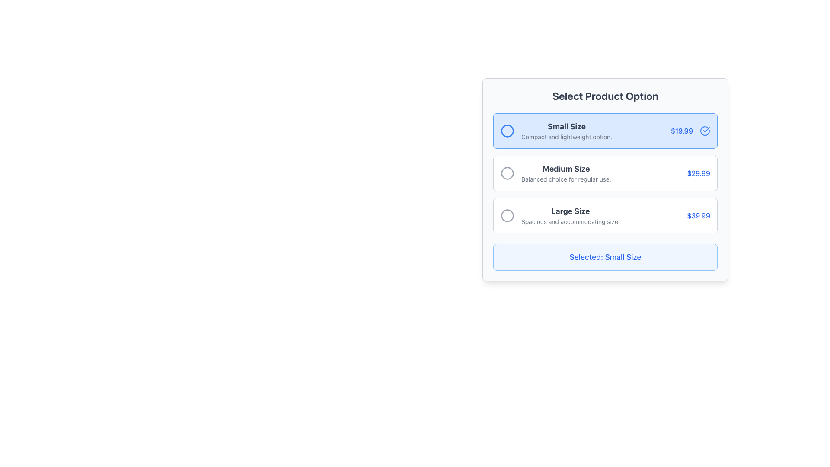 The height and width of the screenshot is (467, 830). What do you see at coordinates (705, 131) in the screenshot?
I see `the blue circular checkmark SVG icon located in the top-right corner of the 'Small Size Compact and lightweight option. $19.99' section, which is the last component in that section` at bounding box center [705, 131].